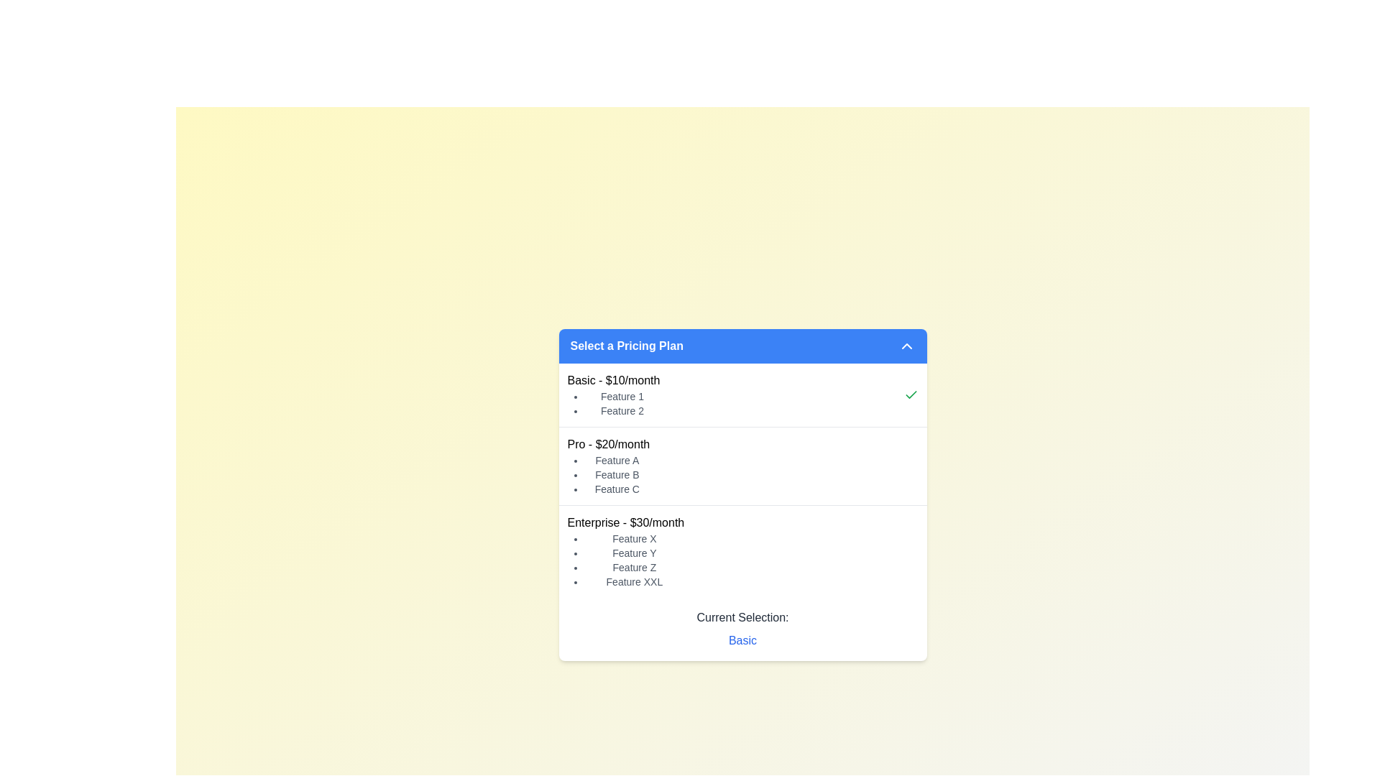  Describe the element at coordinates (742, 395) in the screenshot. I see `the 'Basic - $10/month' pricing plan` at that location.